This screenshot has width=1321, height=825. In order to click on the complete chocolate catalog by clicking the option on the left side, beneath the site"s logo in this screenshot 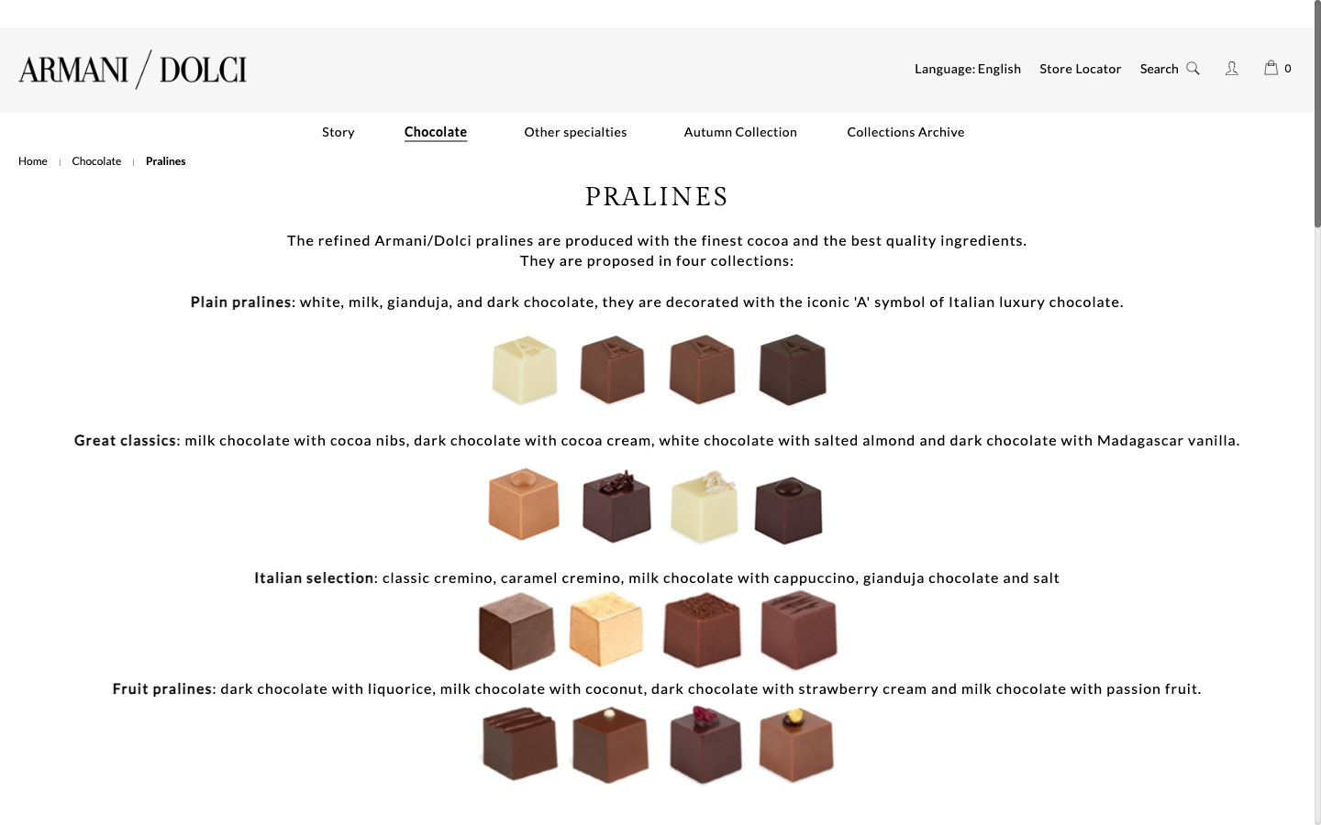, I will do `click(96, 160)`.